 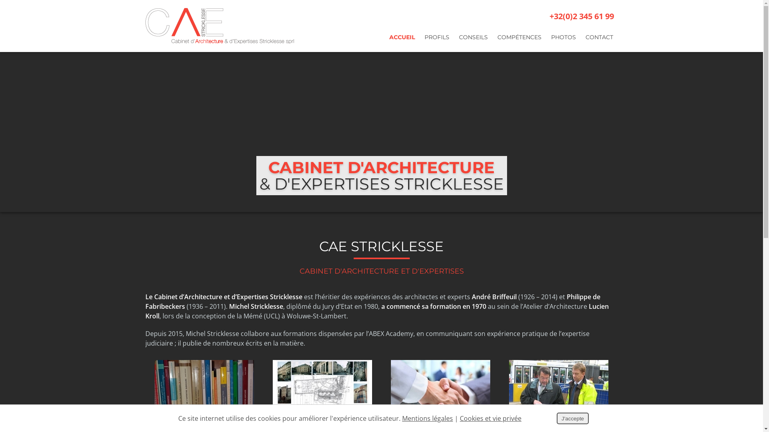 What do you see at coordinates (563, 39) in the screenshot?
I see `'PHOTOS'` at bounding box center [563, 39].